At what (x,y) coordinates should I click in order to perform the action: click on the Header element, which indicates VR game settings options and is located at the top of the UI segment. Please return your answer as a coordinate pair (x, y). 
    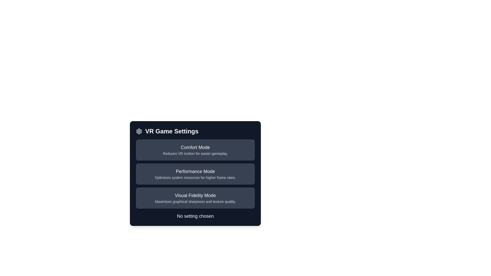
    Looking at the image, I should click on (195, 131).